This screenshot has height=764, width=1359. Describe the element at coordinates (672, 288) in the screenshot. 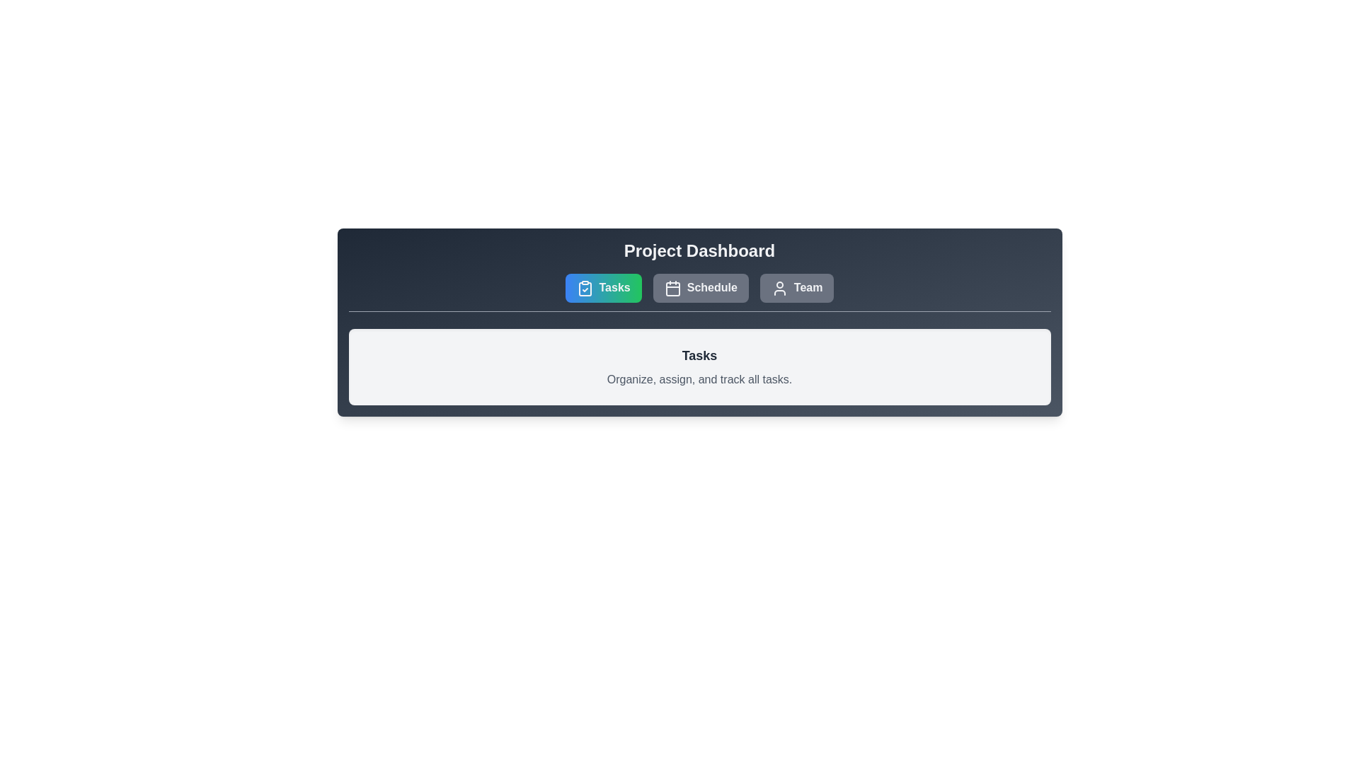

I see `the SVG rectangle that forms the main body of the calendar icon located in the 'Schedule' section of the top UI` at that location.